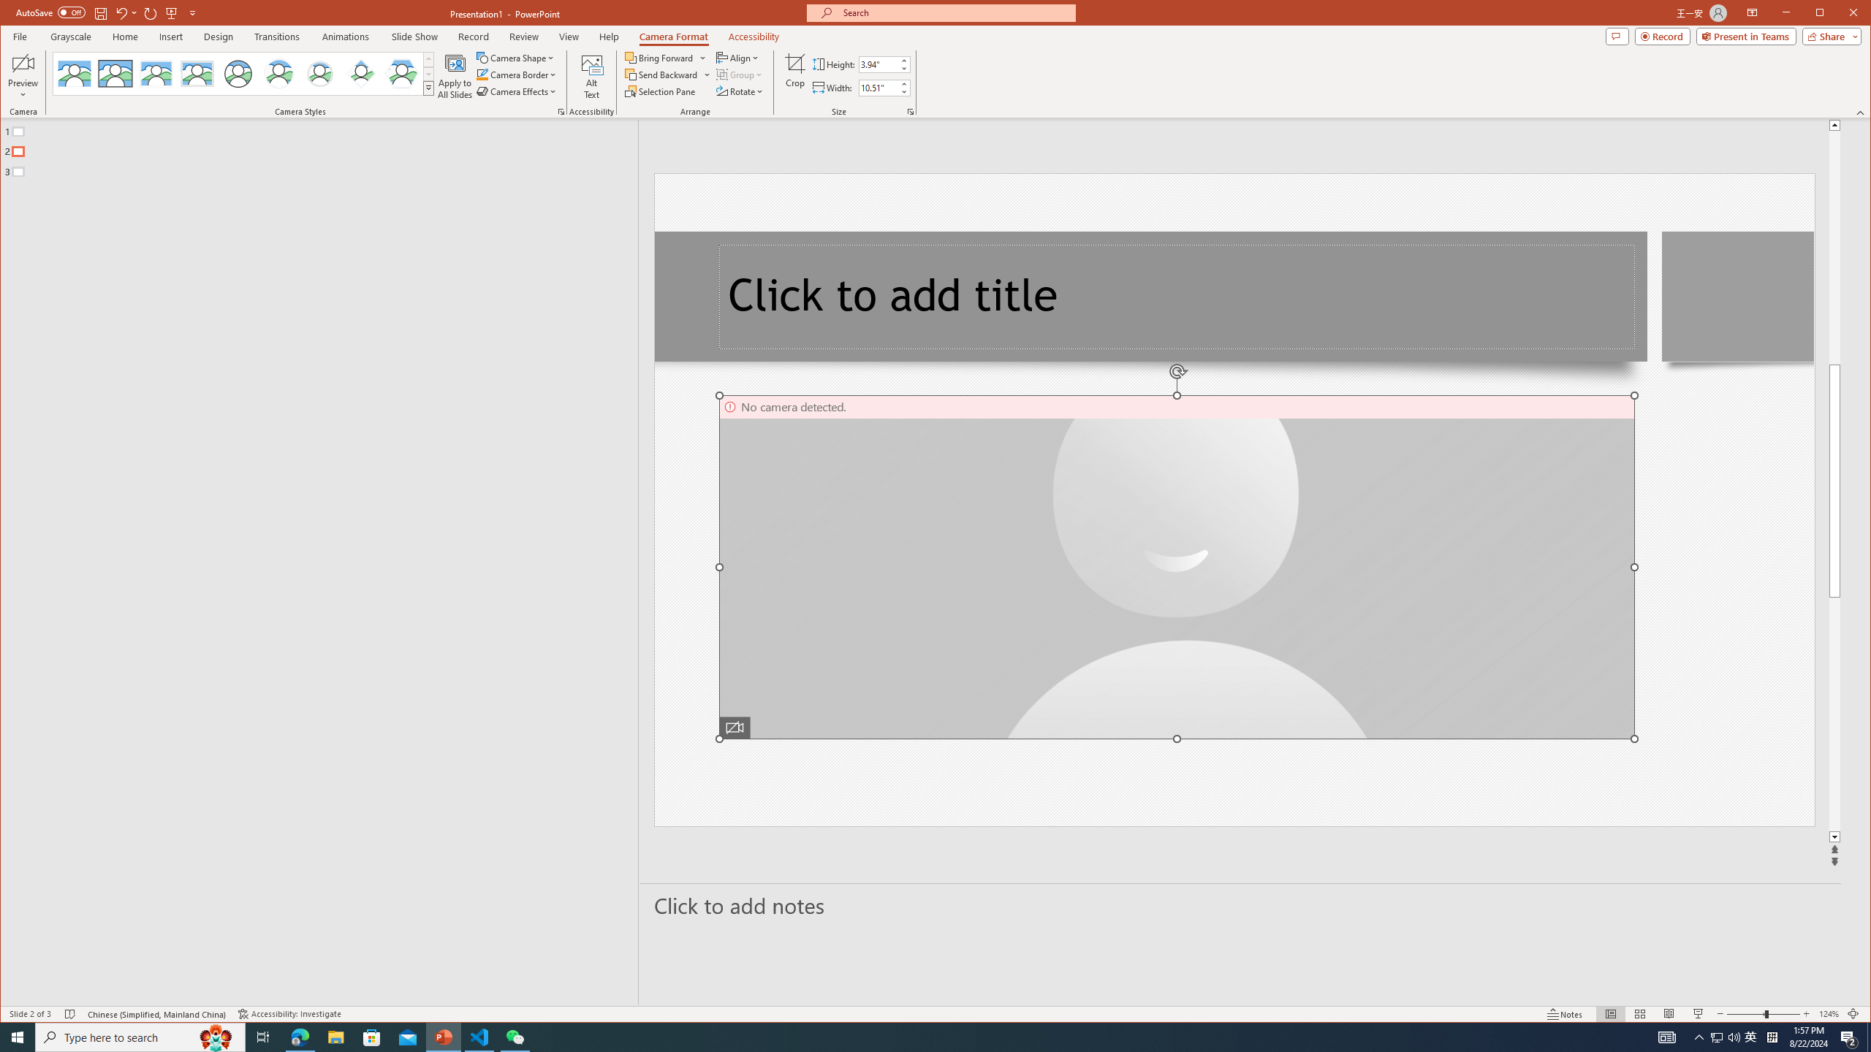  Describe the element at coordinates (23, 75) in the screenshot. I see `'Preview'` at that location.